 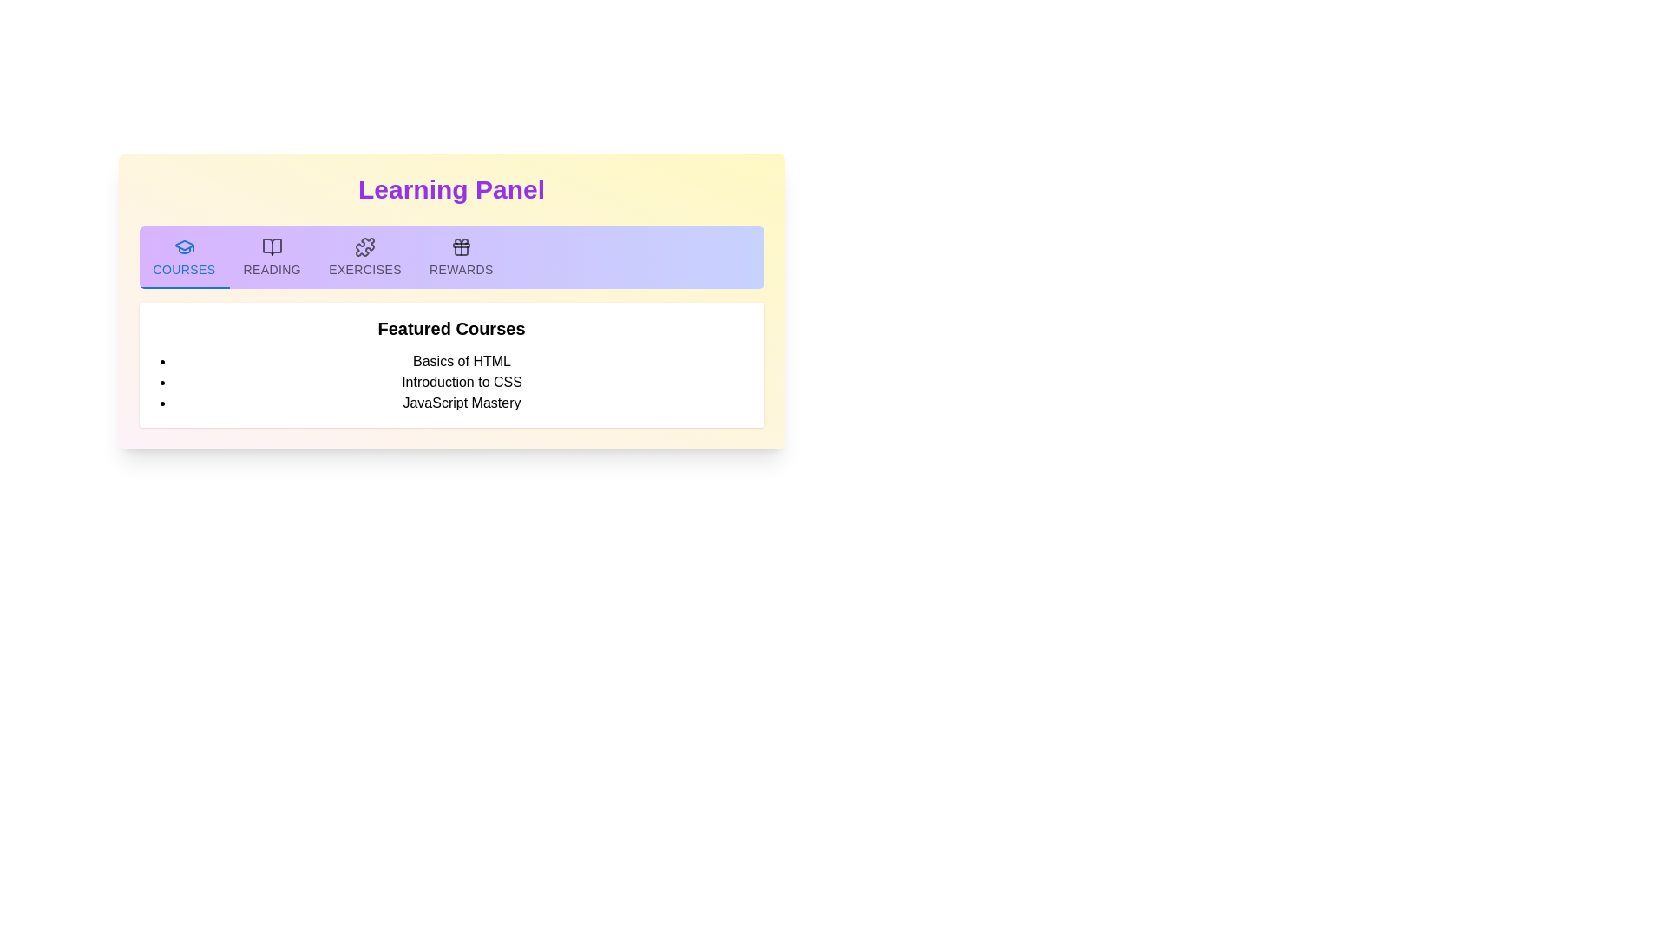 What do you see at coordinates (271, 247) in the screenshot?
I see `the 'READING' tab icon, which is the second icon in the horizontal tab menu at the top of the user panel` at bounding box center [271, 247].